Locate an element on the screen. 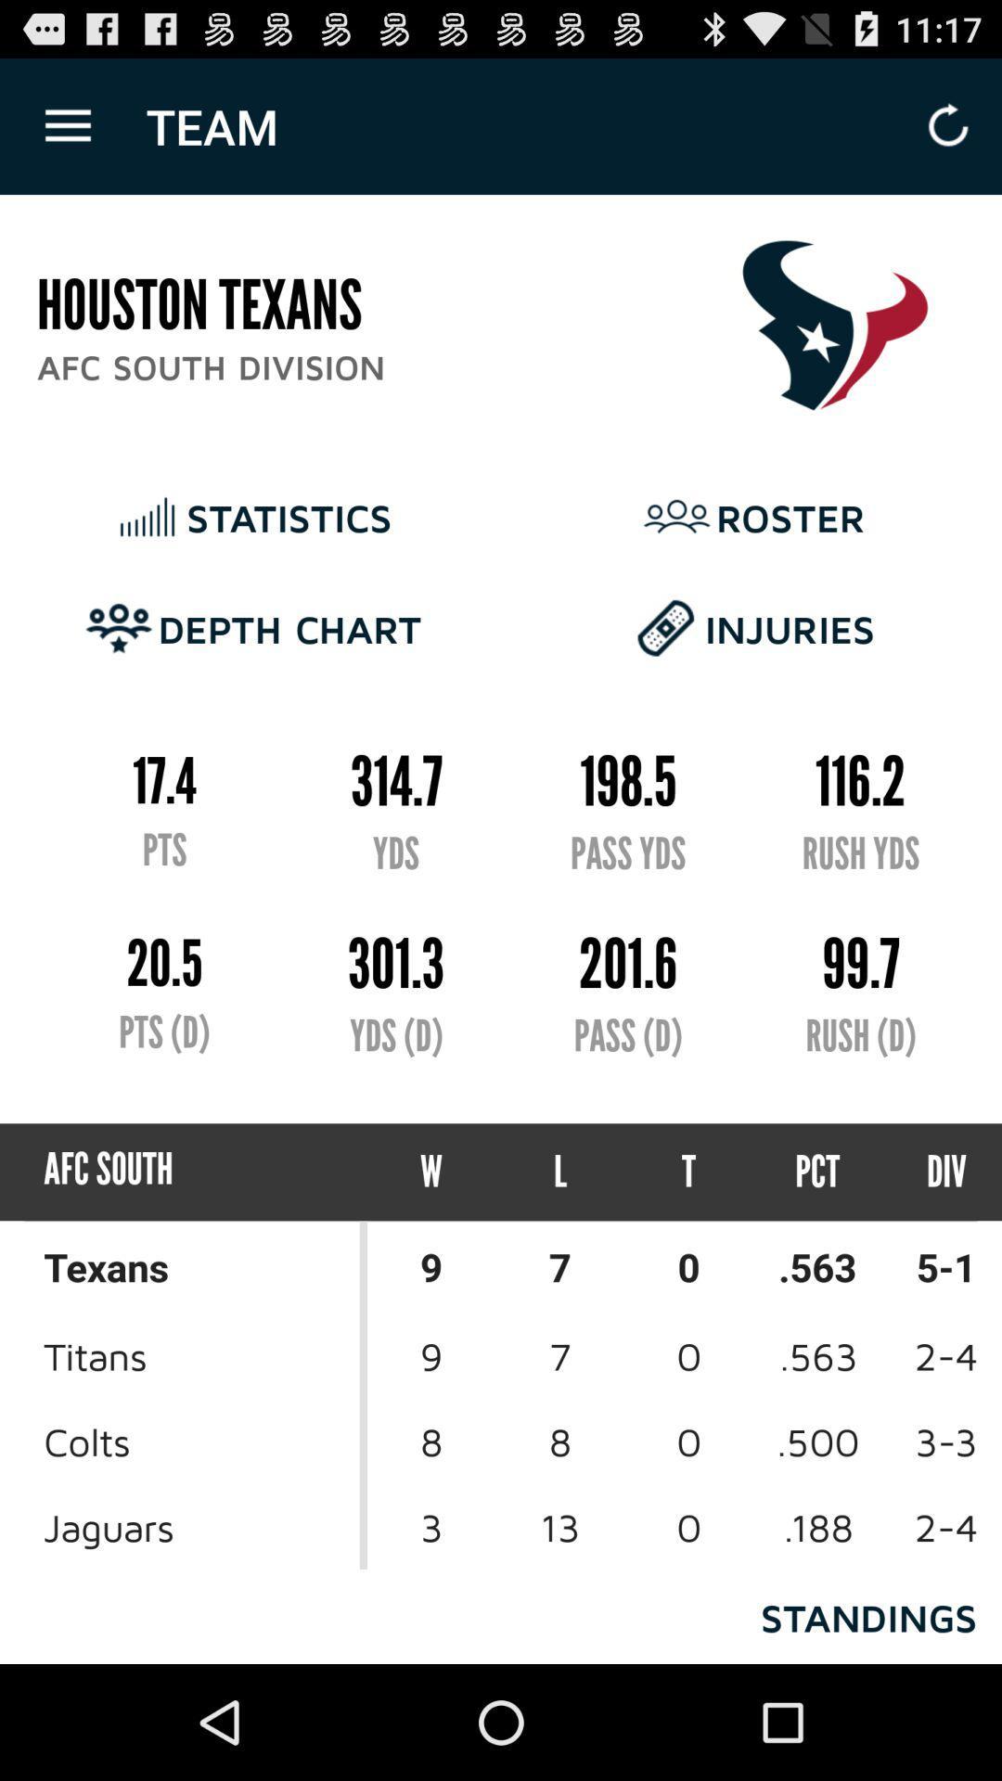  div item is located at coordinates (930, 1171).